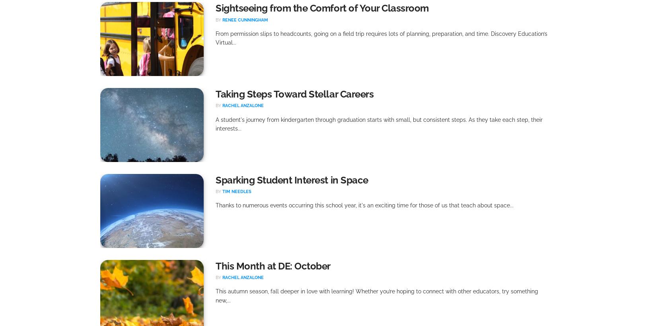 The width and height of the screenshot is (654, 326). What do you see at coordinates (273, 266) in the screenshot?
I see `'This Month at DE: October'` at bounding box center [273, 266].